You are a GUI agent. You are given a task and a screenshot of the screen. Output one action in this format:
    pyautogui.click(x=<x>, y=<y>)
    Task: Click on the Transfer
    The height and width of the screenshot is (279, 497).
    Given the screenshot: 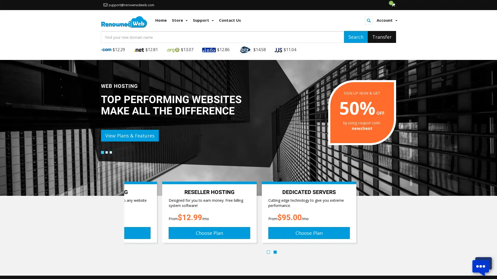 What is the action you would take?
    pyautogui.click(x=382, y=36)
    